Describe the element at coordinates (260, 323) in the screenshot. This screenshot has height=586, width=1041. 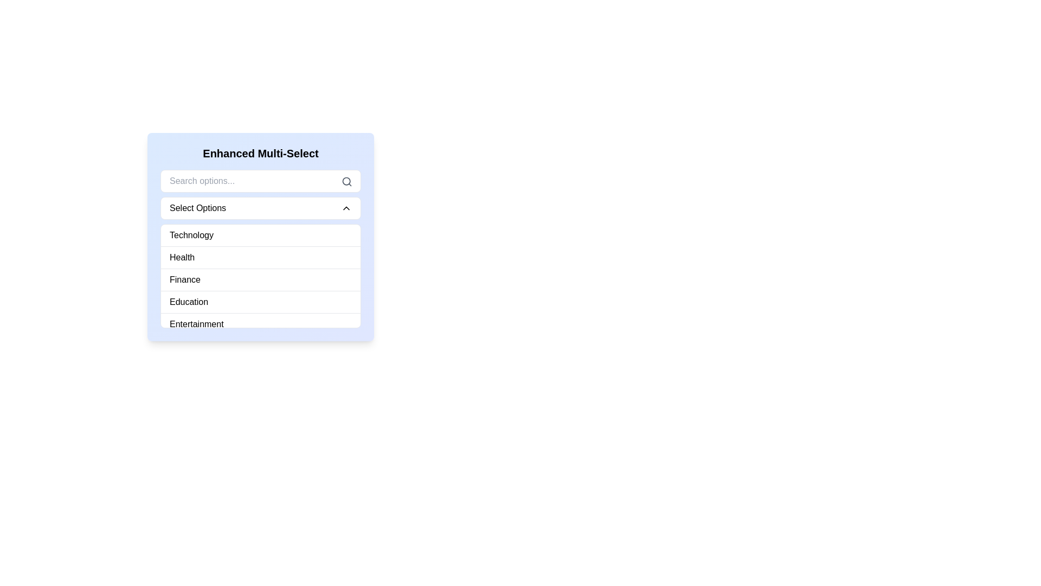
I see `the fifth list item labeled 'Entertainment'` at that location.